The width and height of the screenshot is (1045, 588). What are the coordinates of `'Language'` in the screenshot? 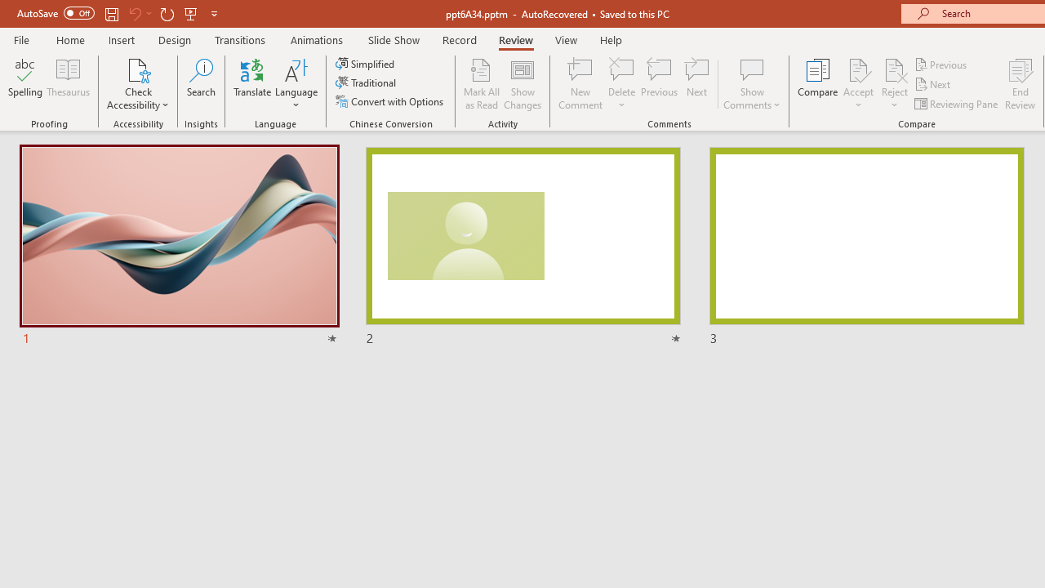 It's located at (296, 84).